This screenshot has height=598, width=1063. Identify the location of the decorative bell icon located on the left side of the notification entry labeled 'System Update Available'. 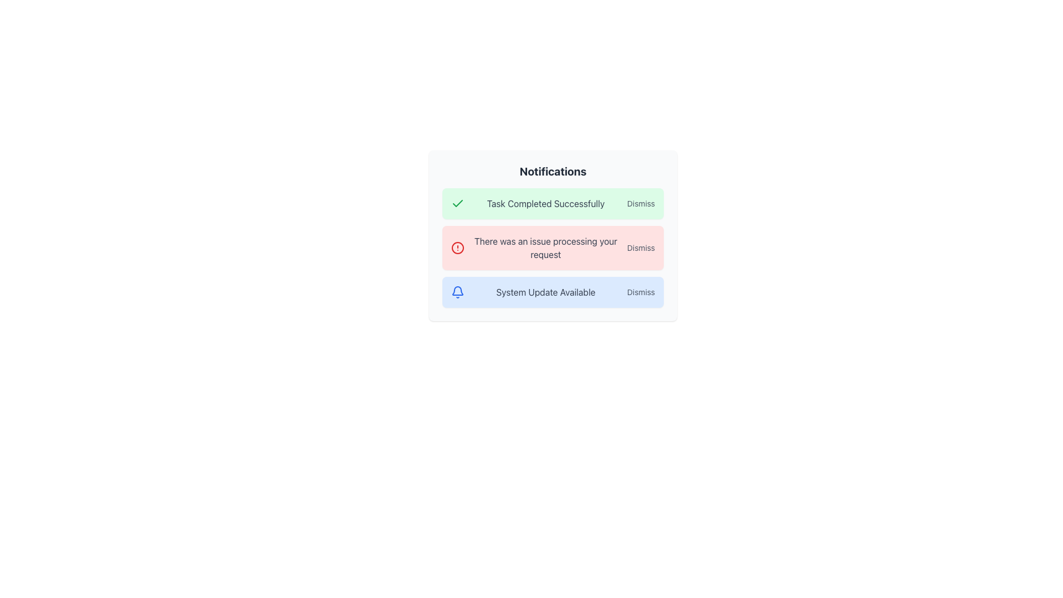
(457, 292).